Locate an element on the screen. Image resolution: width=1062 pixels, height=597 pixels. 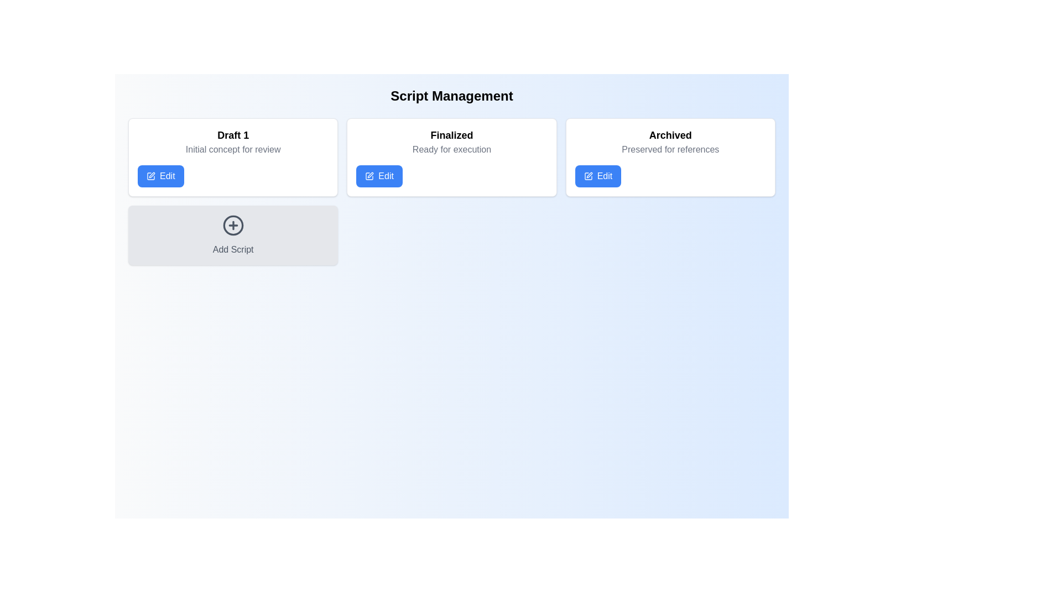
the pen and square icon with a blue background located within the 'Edit' button associated with the 'Finalized' script section is located at coordinates (369, 176).